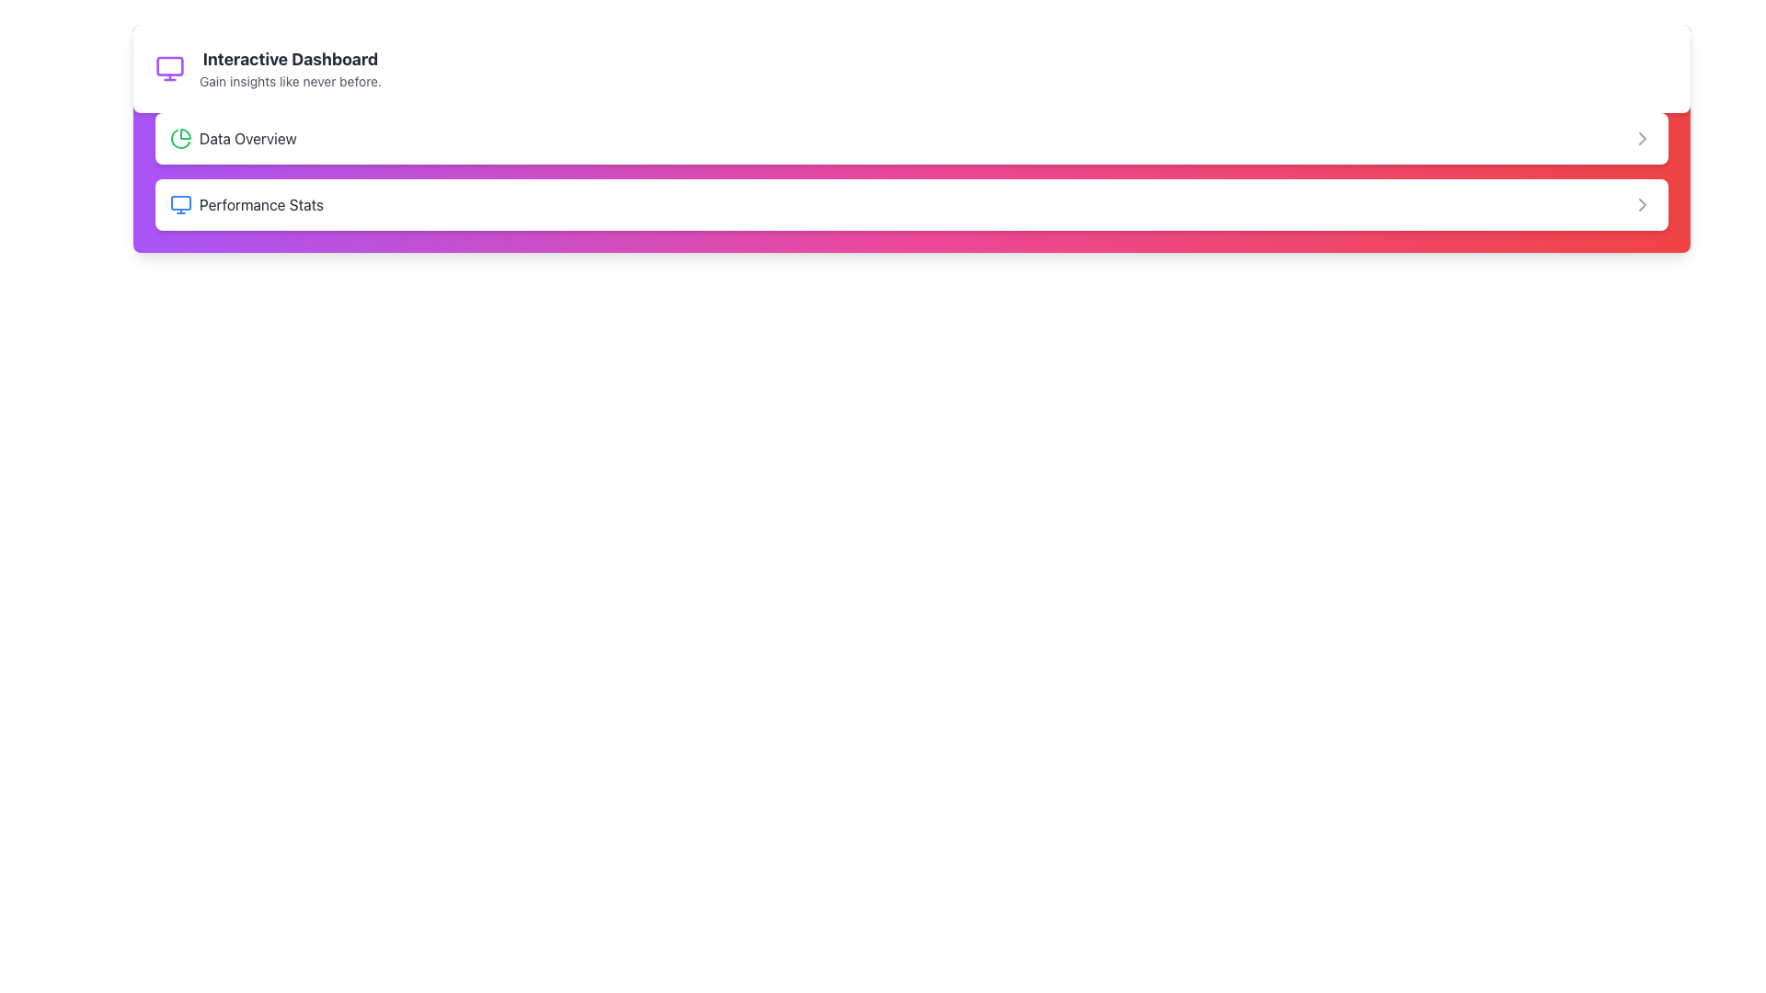 Image resolution: width=1766 pixels, height=993 pixels. I want to click on the 'Data Overview' icon, which is located to the left of the 'Data Overview' text, serving as a button or link for data-related functionalities, so click(180, 137).